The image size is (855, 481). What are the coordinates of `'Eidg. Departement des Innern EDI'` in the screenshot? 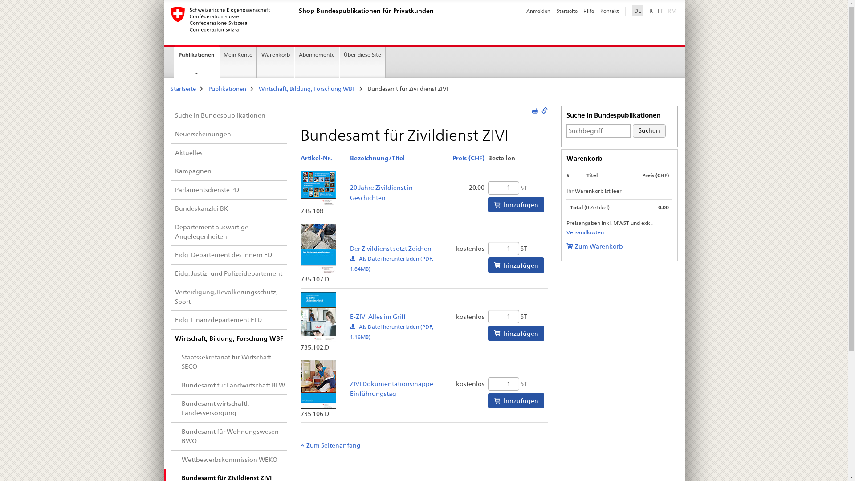 It's located at (228, 255).